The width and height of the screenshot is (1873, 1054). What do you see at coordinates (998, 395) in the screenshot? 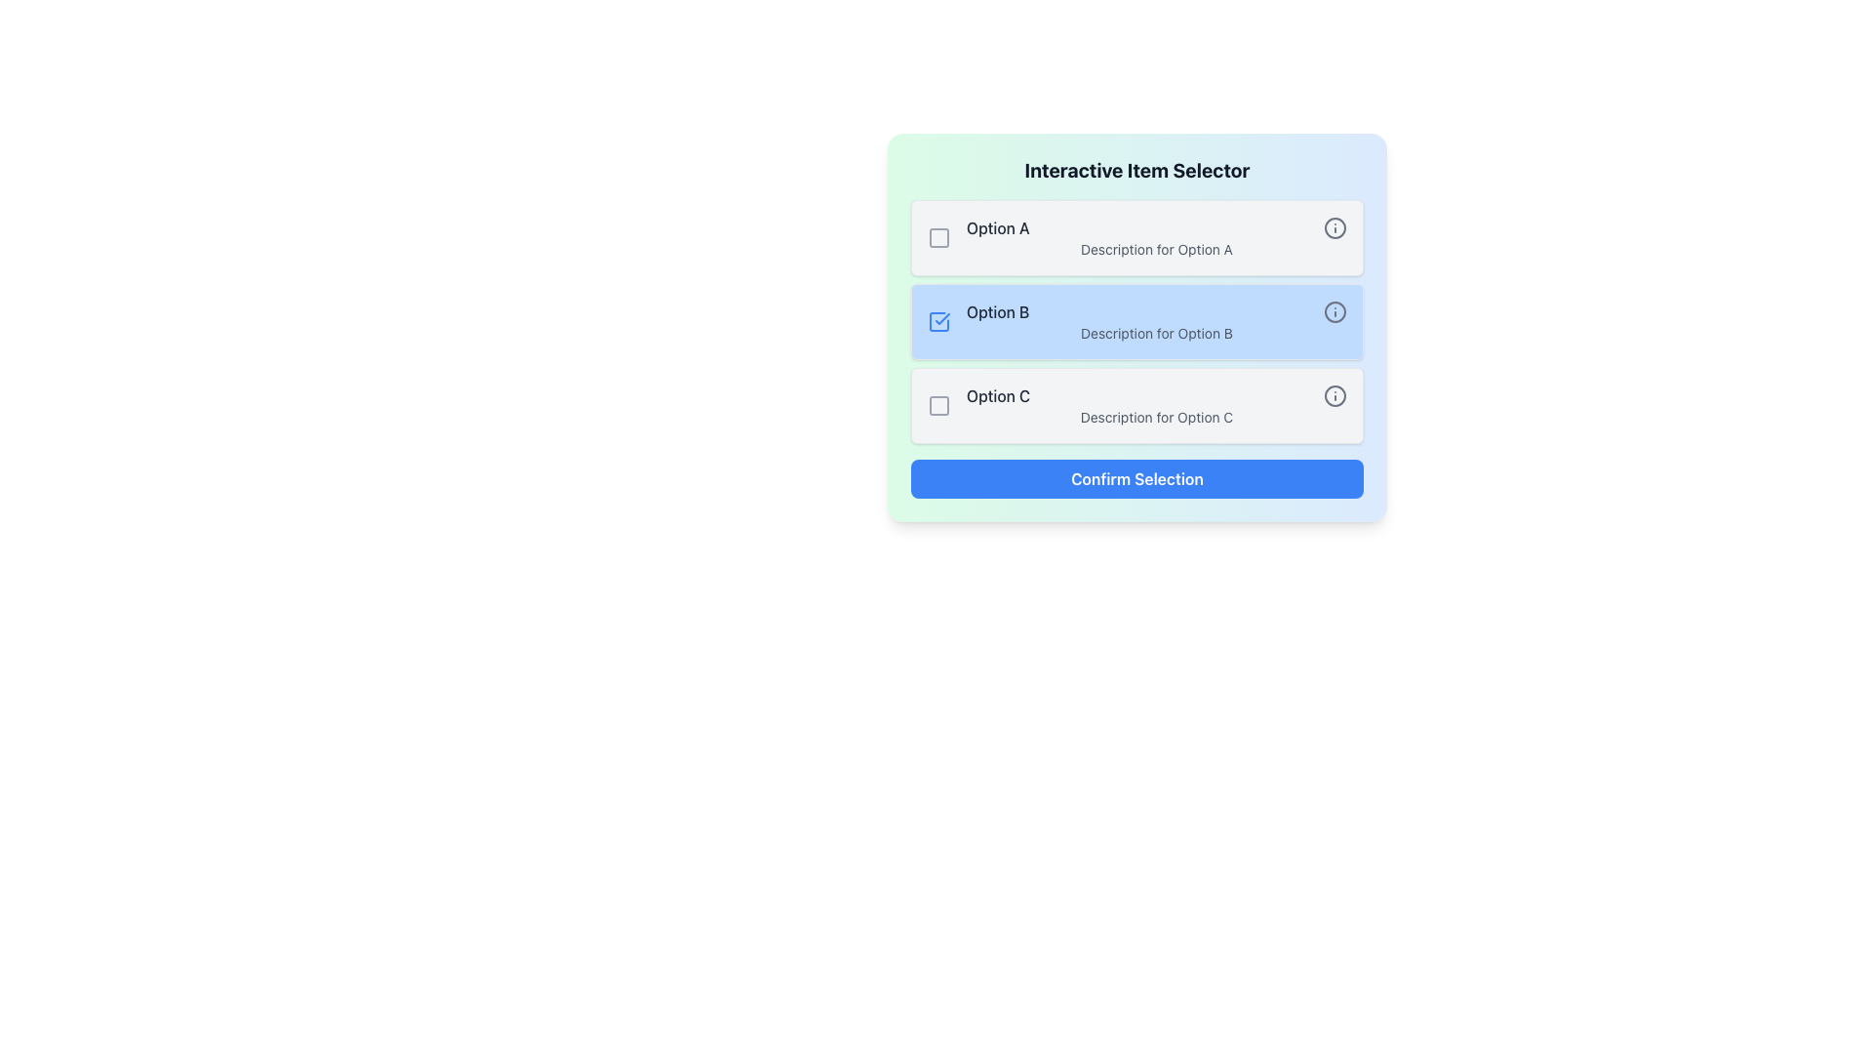
I see `the Text Label that identifies 'Option C' in the third row of the 'Interactive Item Selector' card, which serves as context for its associated checkbox` at bounding box center [998, 395].